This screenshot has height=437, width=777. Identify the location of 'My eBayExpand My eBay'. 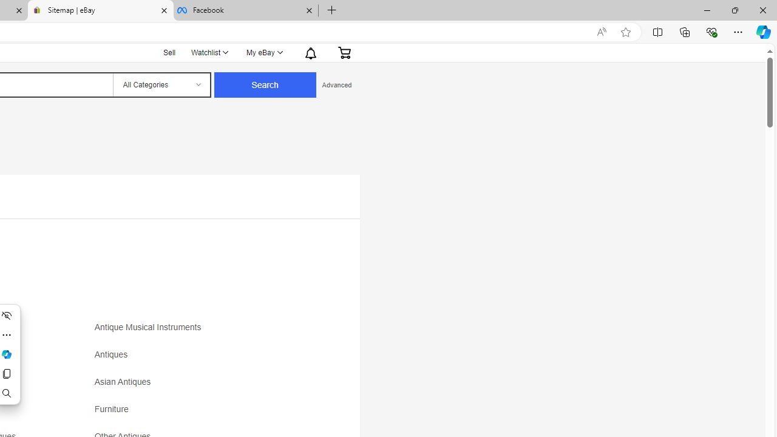
(263, 52).